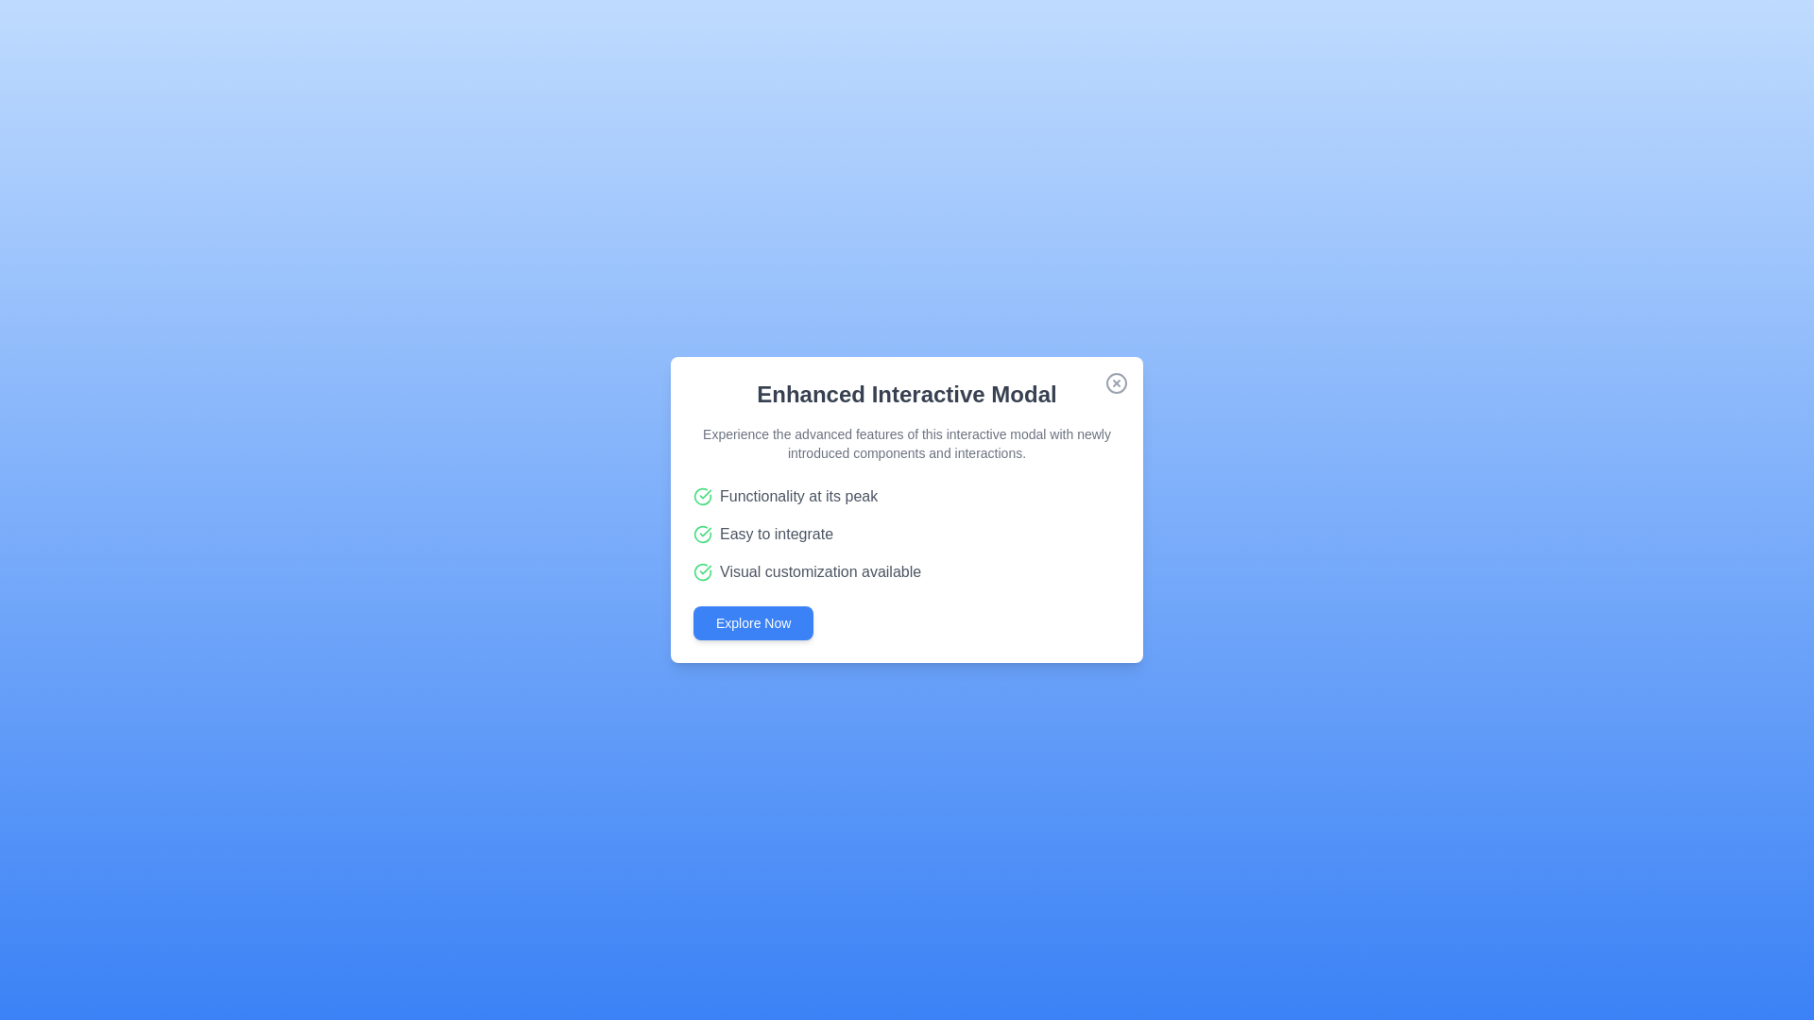  I want to click on the visual feedback of the circular icon with a green border and a small checkmark, located near the text 'Functionality at its peak' in the modal window, so click(702, 570).